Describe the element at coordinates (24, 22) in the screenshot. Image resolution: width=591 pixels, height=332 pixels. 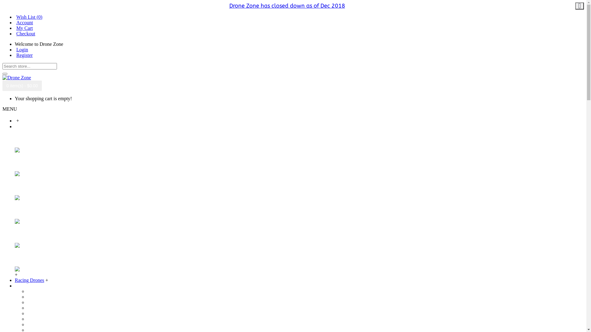
I see `'Account'` at that location.